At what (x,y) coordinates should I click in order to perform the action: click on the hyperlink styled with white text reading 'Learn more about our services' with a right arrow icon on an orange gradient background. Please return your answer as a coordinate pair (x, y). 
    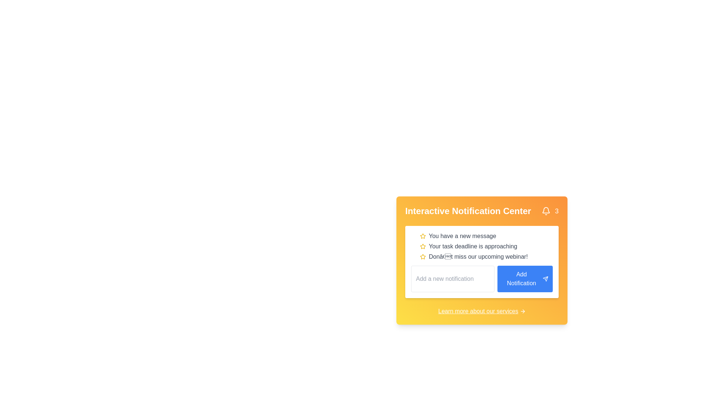
    Looking at the image, I should click on (482, 311).